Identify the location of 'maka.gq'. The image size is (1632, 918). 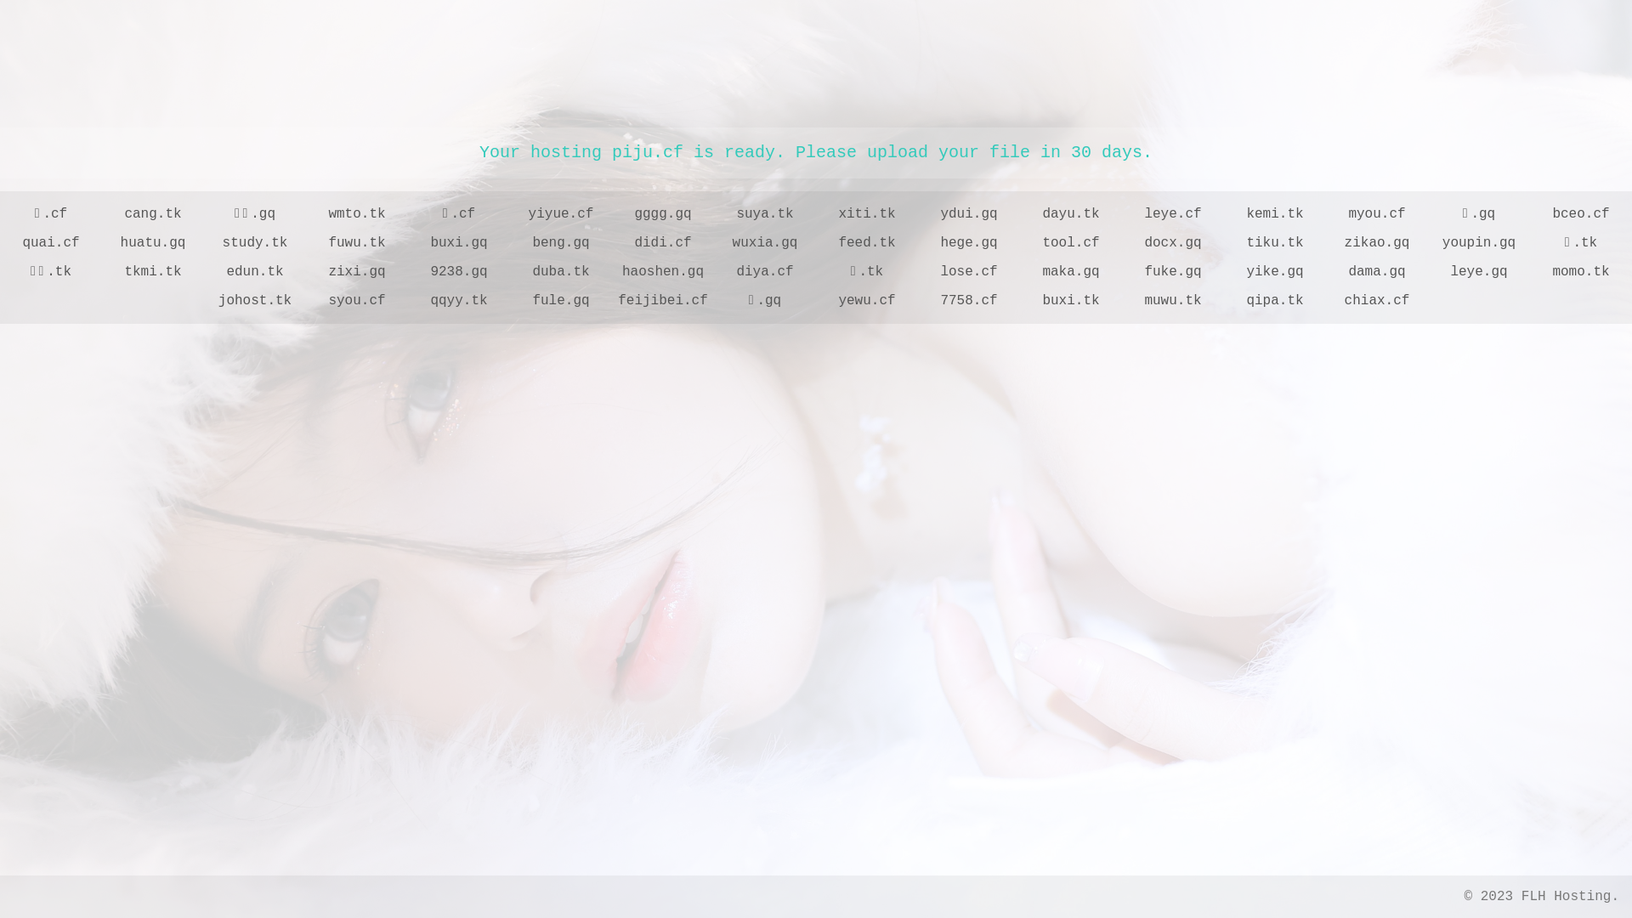
(1020, 271).